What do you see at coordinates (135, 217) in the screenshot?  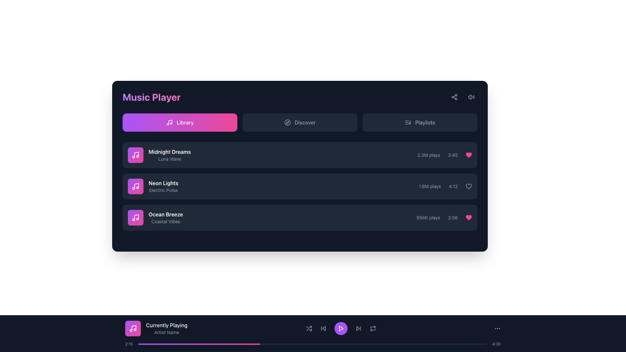 I see `the music note icon, which is white and styled as an outline, located within a vibrant purple to pink gradient square in the 'Library' section of the music player interface for 'Midnight Dreams'` at bounding box center [135, 217].